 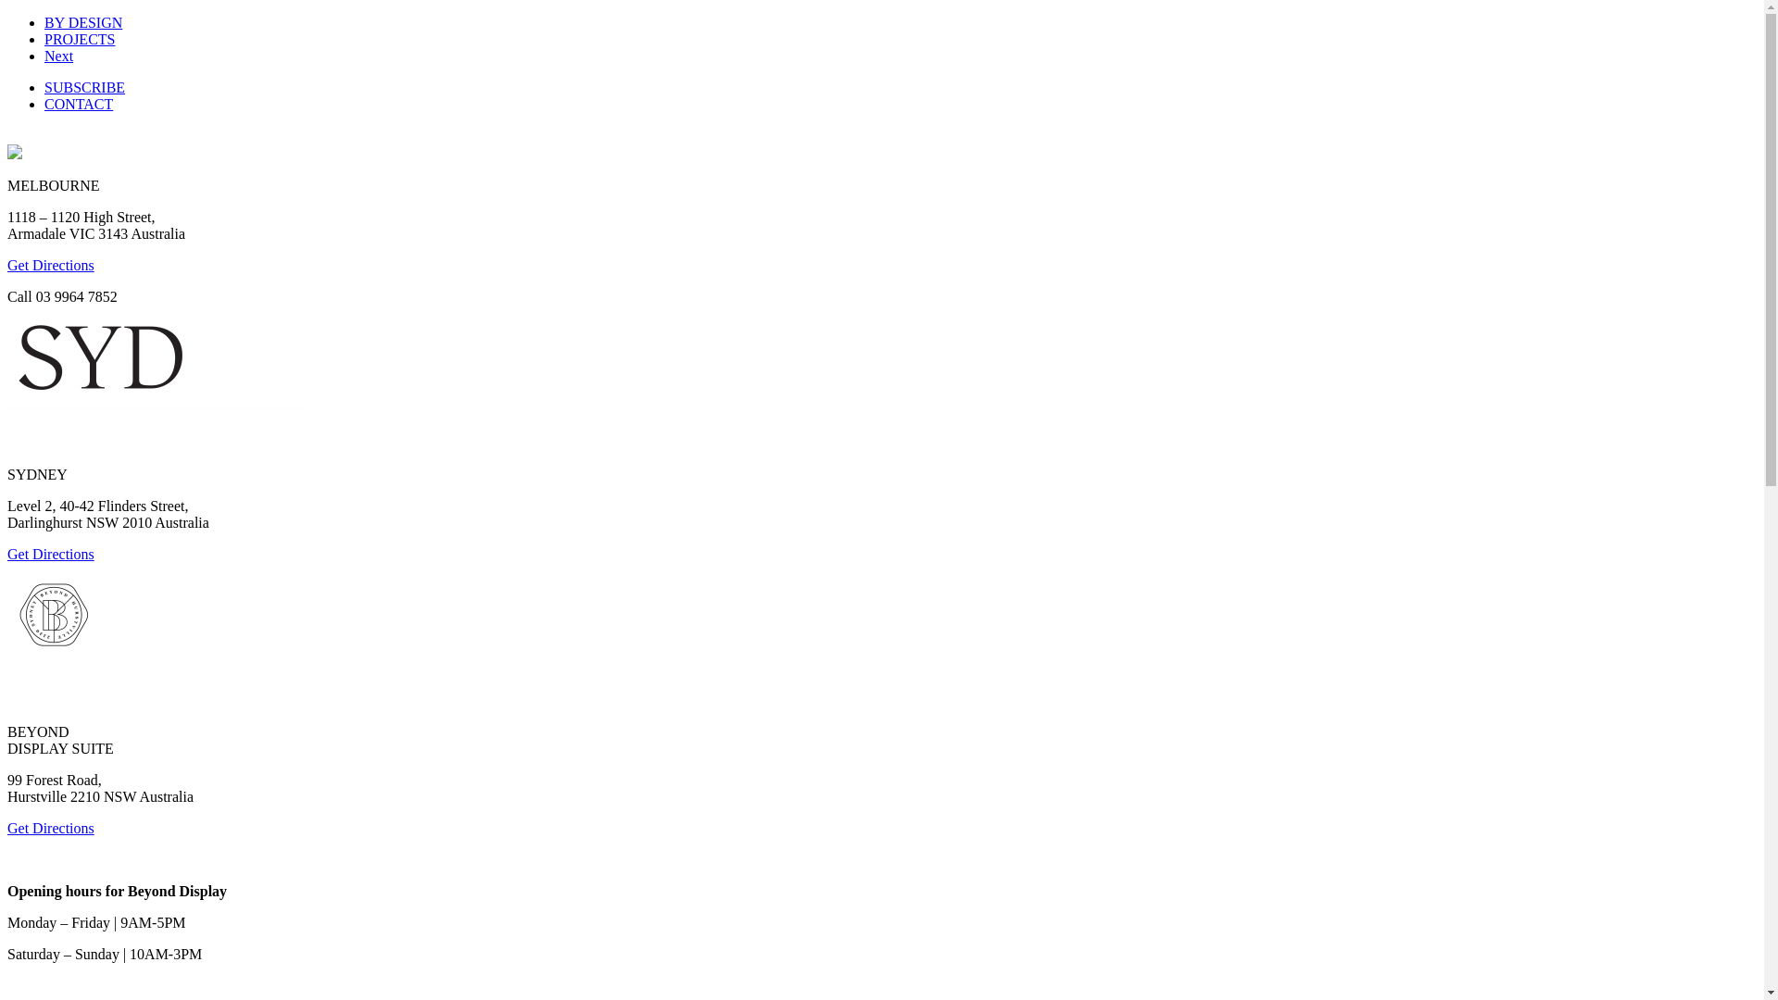 What do you see at coordinates (58, 55) in the screenshot?
I see `'Next'` at bounding box center [58, 55].